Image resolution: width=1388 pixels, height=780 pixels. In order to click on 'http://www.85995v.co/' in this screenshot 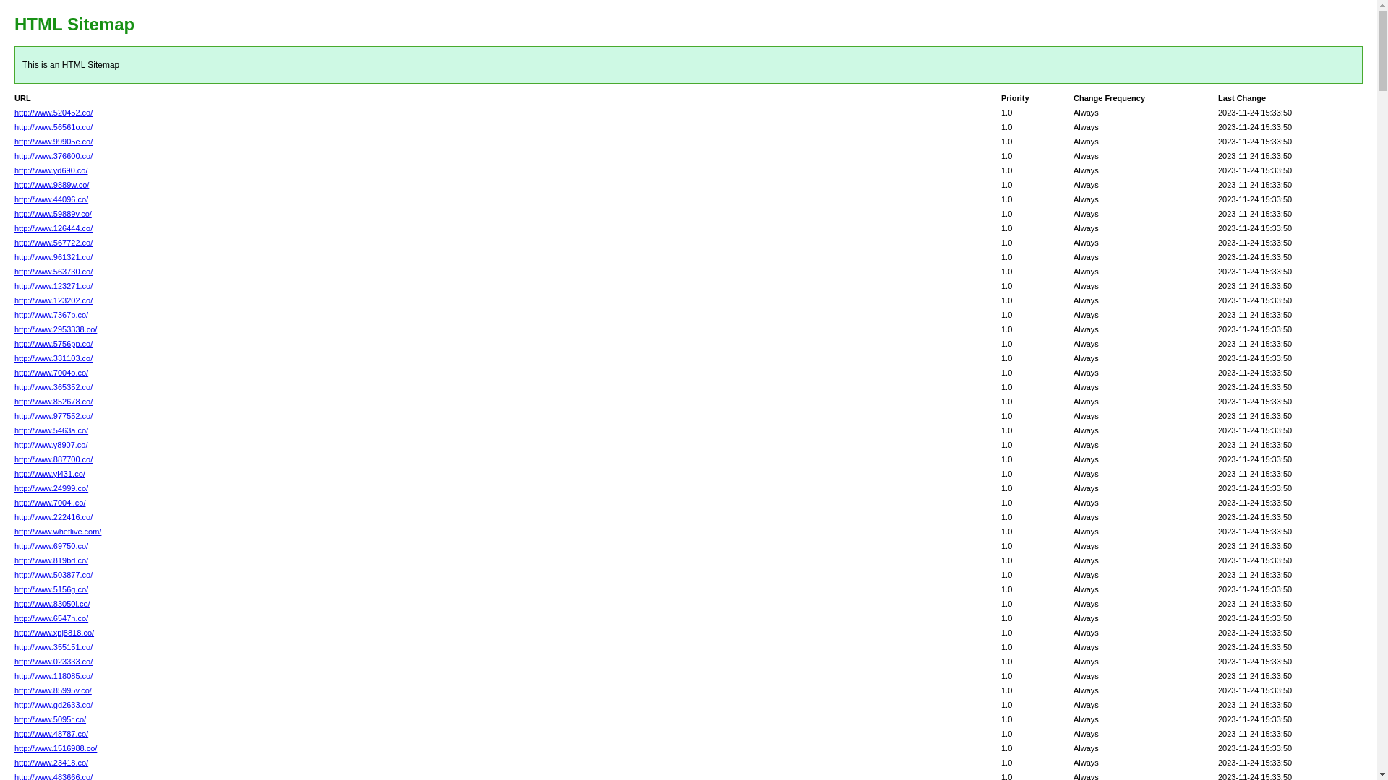, I will do `click(53, 690)`.